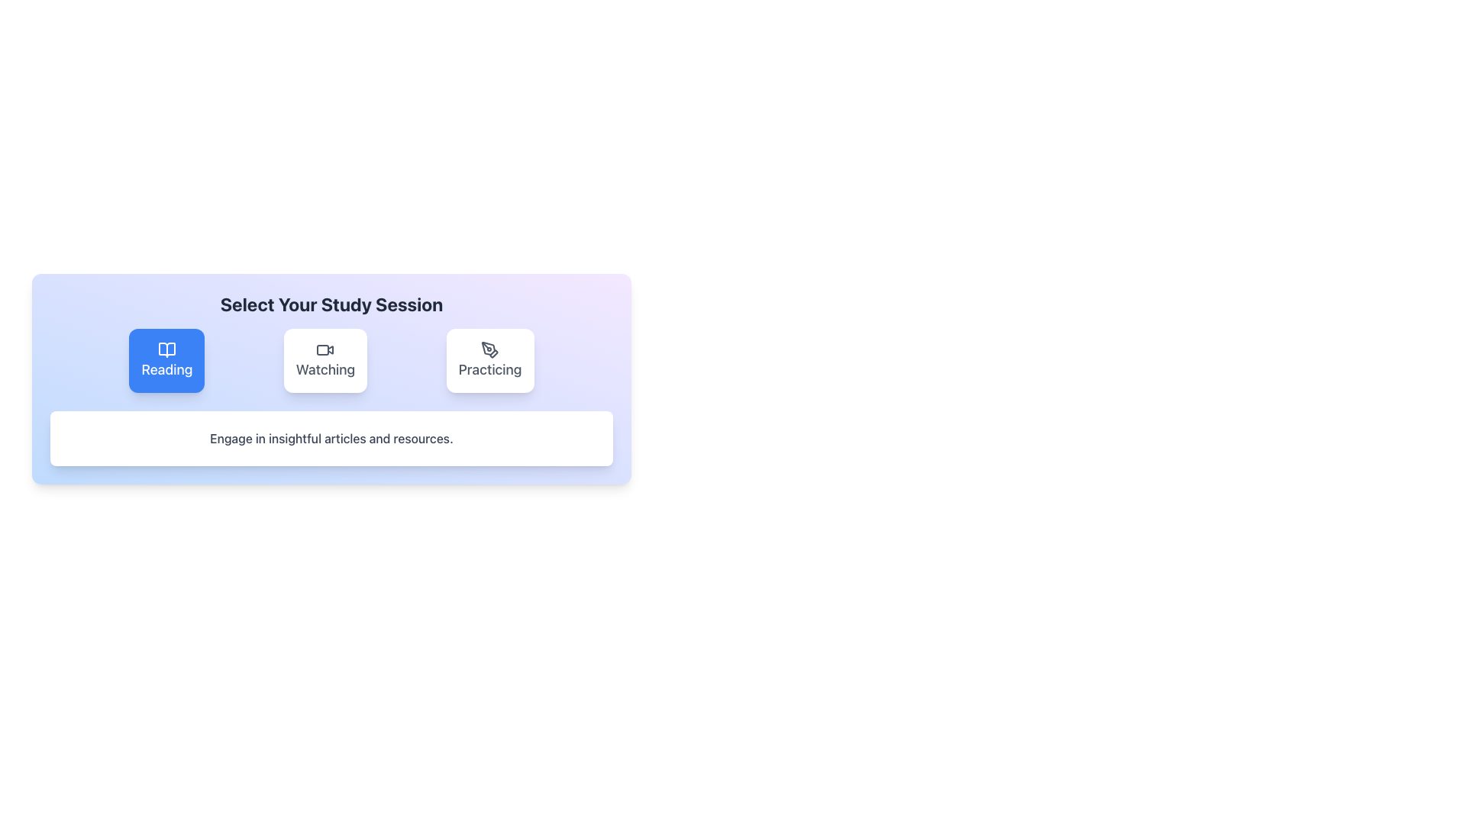 This screenshot has height=824, width=1466. What do you see at coordinates (166, 370) in the screenshot?
I see `the text label displaying 'Reading', which is centered within a blue button at the bottom of an icon of an open book` at bounding box center [166, 370].